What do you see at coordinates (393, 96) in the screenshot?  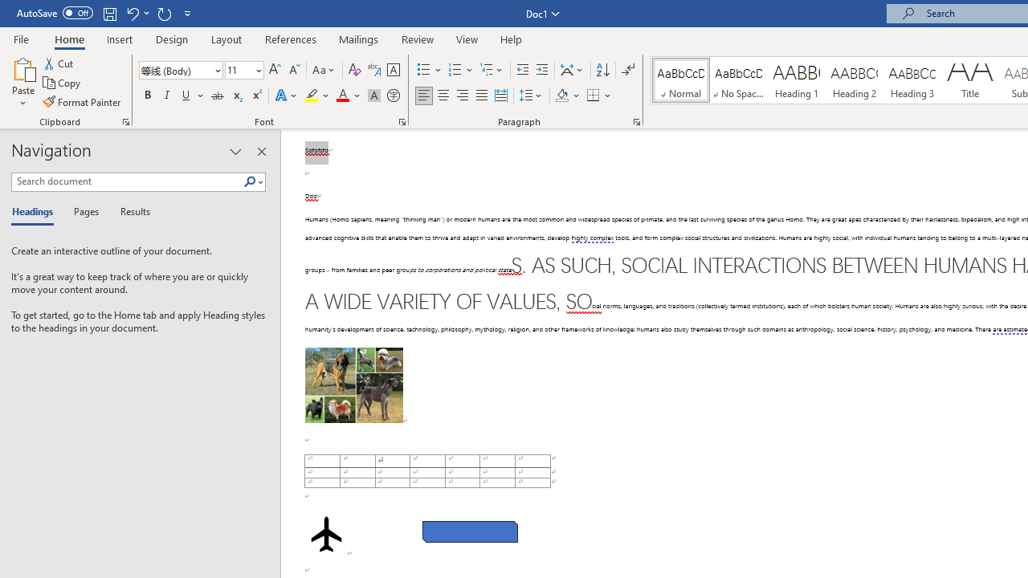 I see `'Enclose Characters...'` at bounding box center [393, 96].